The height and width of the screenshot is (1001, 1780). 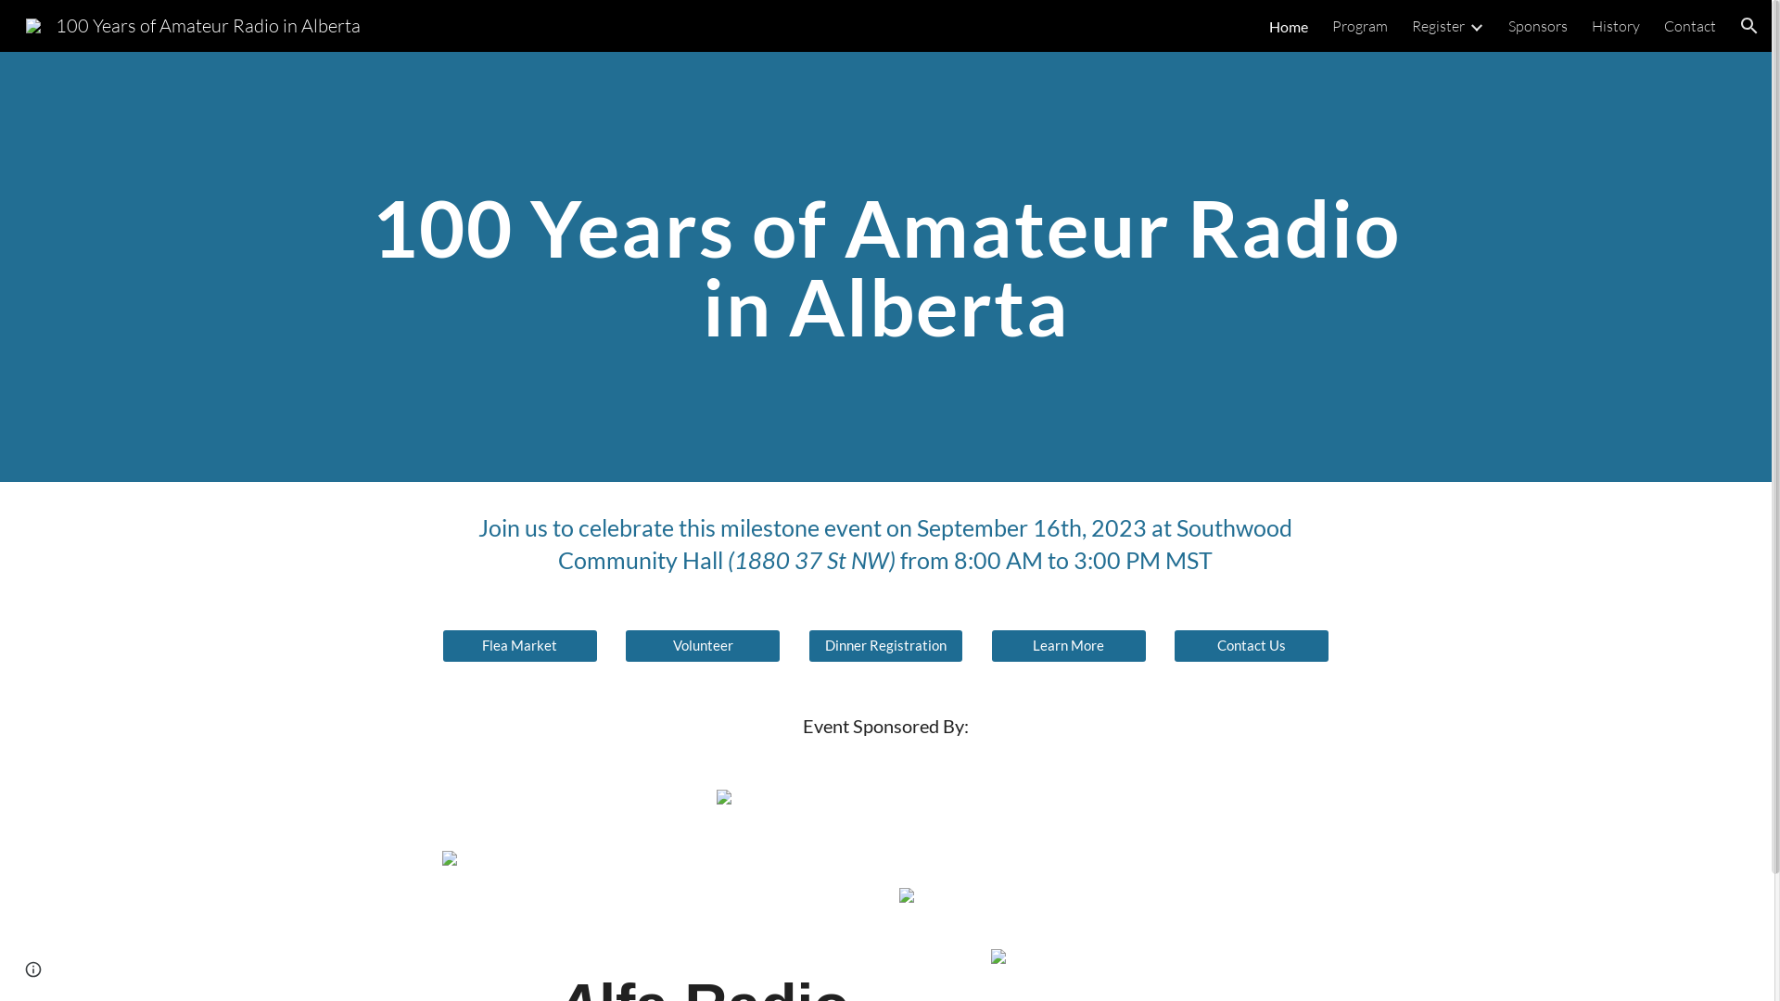 What do you see at coordinates (1614, 25) in the screenshot?
I see `'History'` at bounding box center [1614, 25].